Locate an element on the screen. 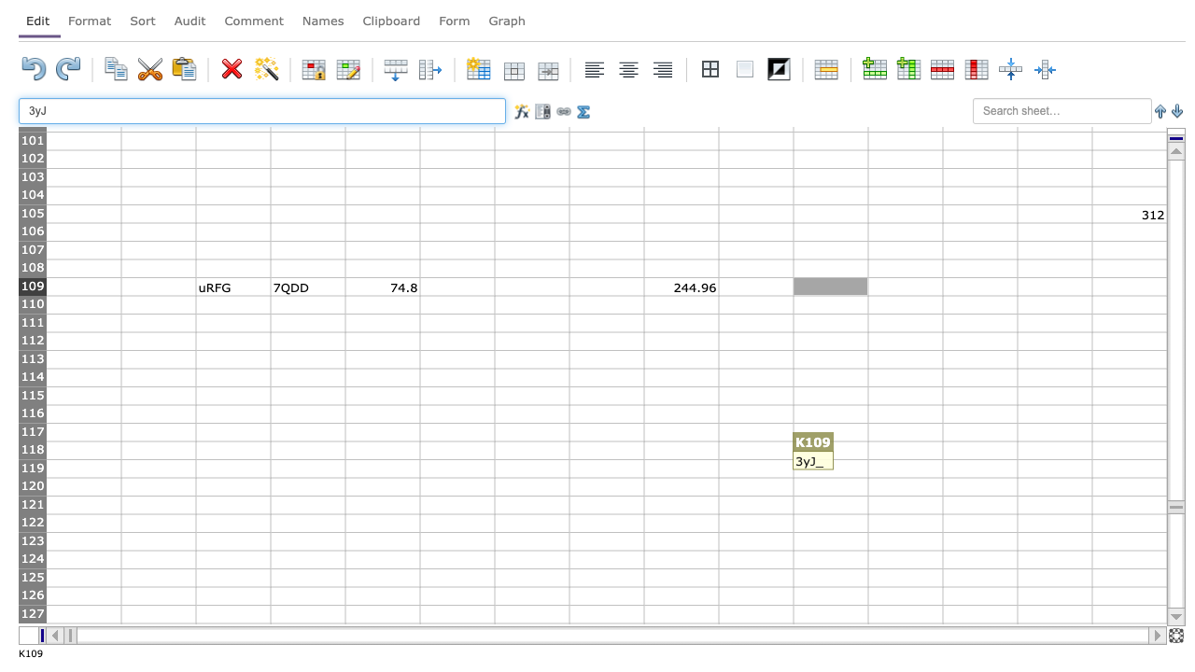 The image size is (1195, 672). C L119 is located at coordinates (905, 468).